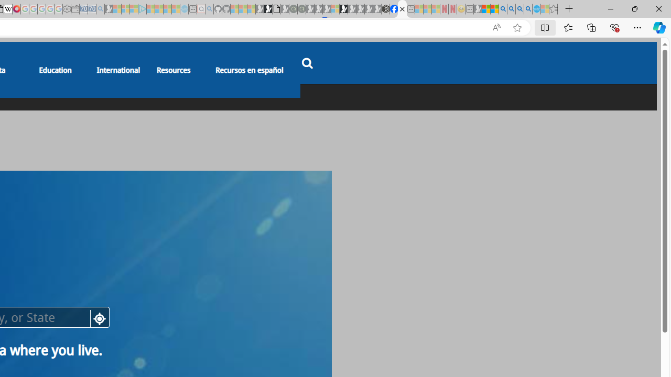 This screenshot has height=377, width=671. I want to click on 'Nordace | Facebook', so click(393, 9).